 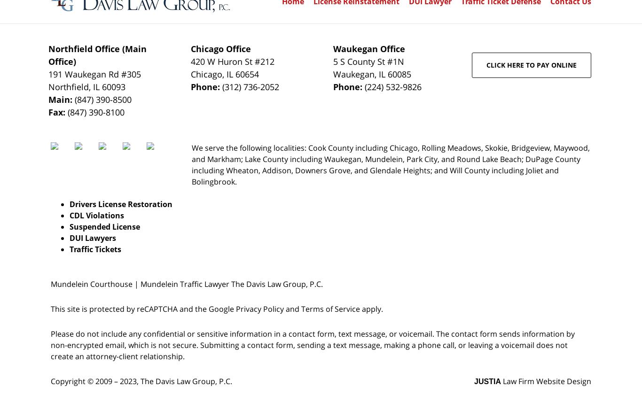 I want to click on 'Main:', so click(x=61, y=100).